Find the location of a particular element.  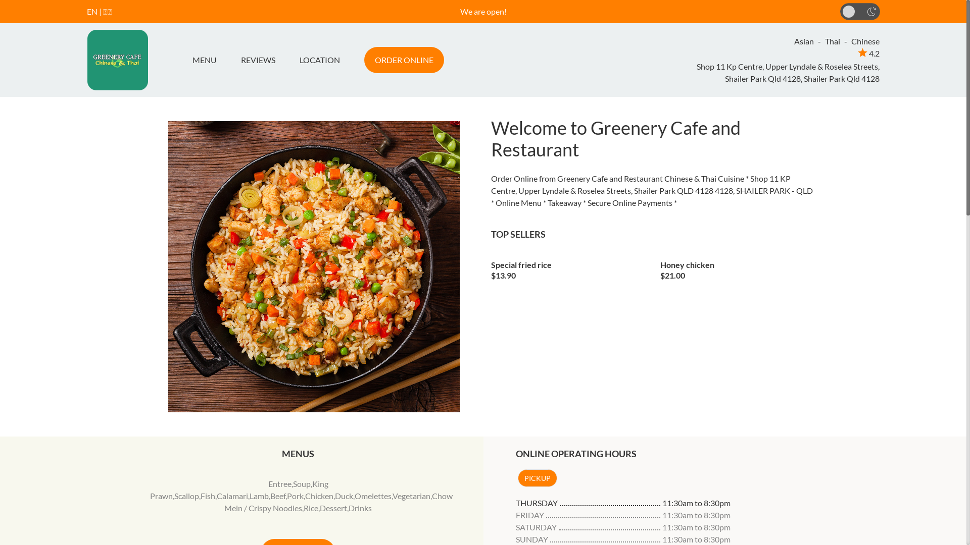

'ORDER ONLINE' is located at coordinates (403, 60).